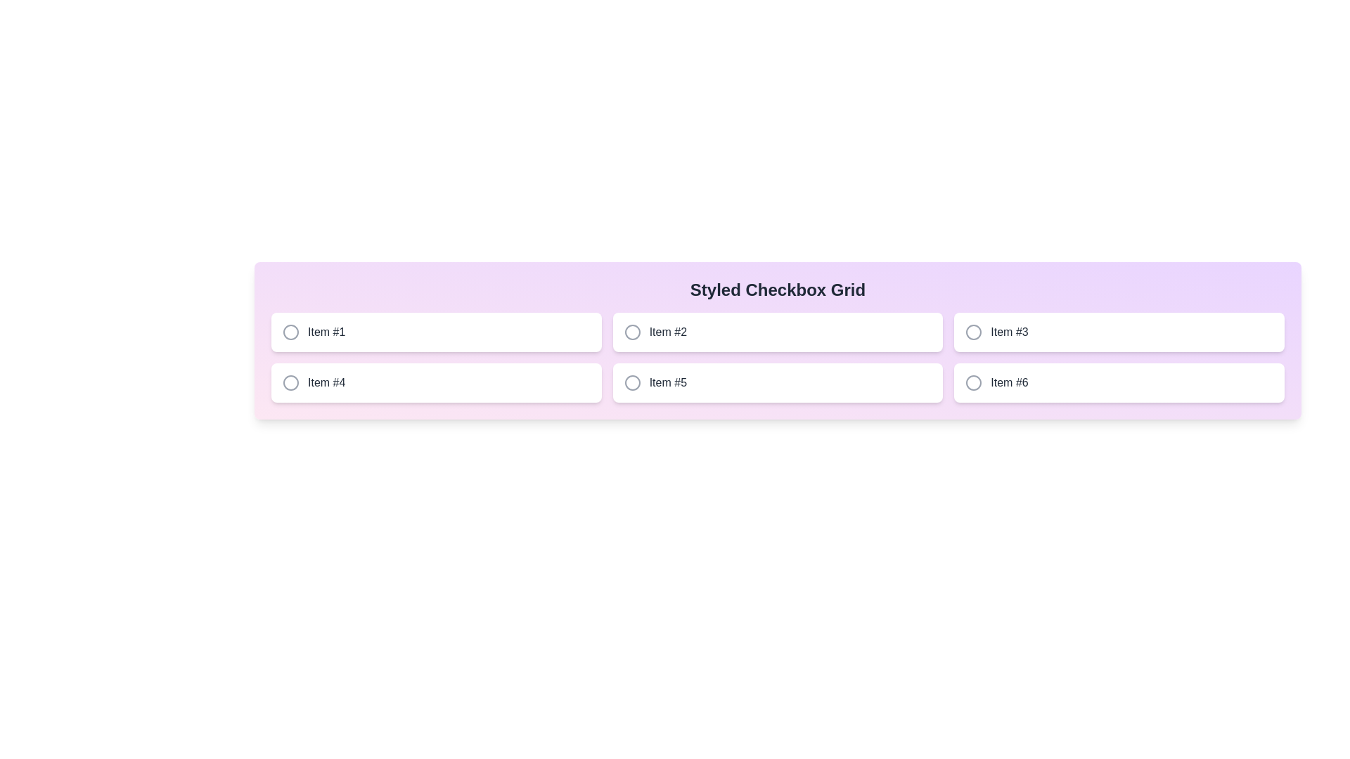 Image resolution: width=1350 pixels, height=759 pixels. Describe the element at coordinates (435, 382) in the screenshot. I see `the button labeled Item #4 to observe style changes` at that location.